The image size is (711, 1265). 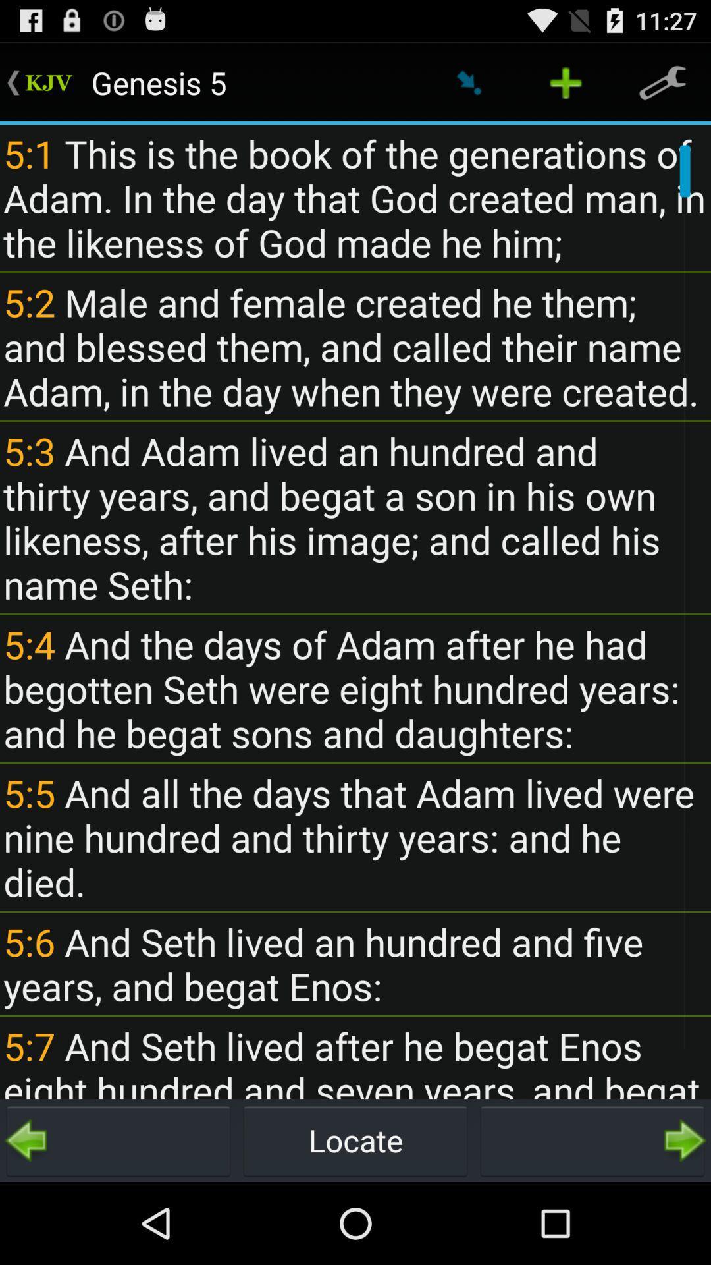 I want to click on previous, so click(x=118, y=1140).